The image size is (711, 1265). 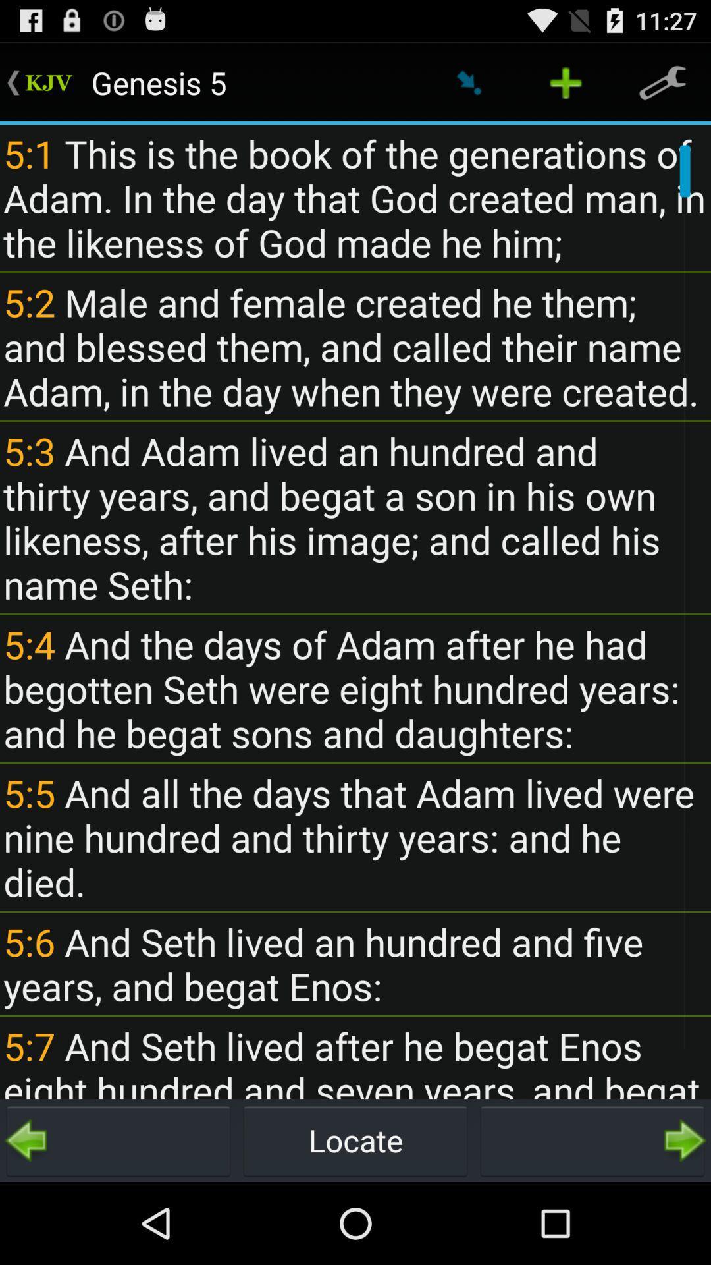 I want to click on previous, so click(x=118, y=1140).